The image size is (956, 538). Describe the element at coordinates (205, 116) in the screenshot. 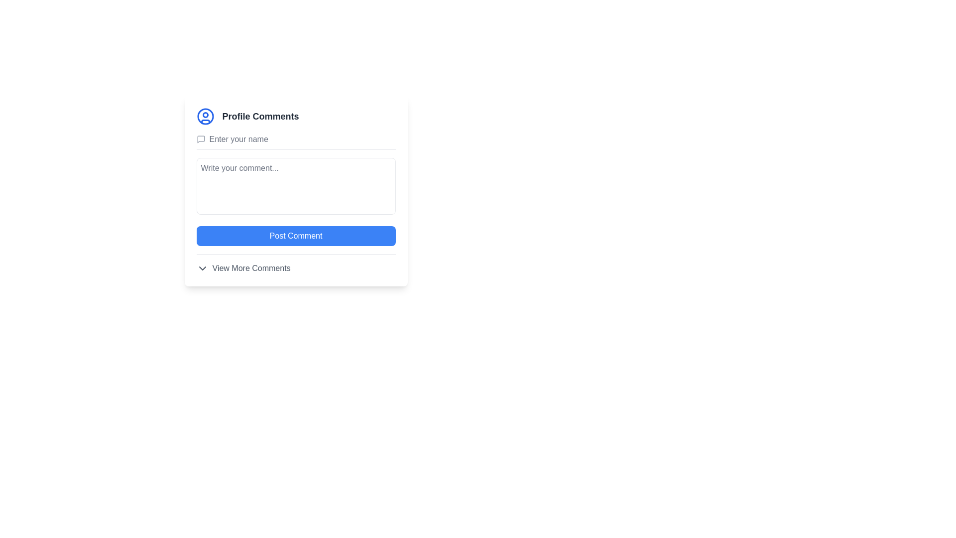

I see `the user profile icon, which serves as a visual cue for the 'Profile Comments' section positioned to the far left of the horizontal layout` at that location.